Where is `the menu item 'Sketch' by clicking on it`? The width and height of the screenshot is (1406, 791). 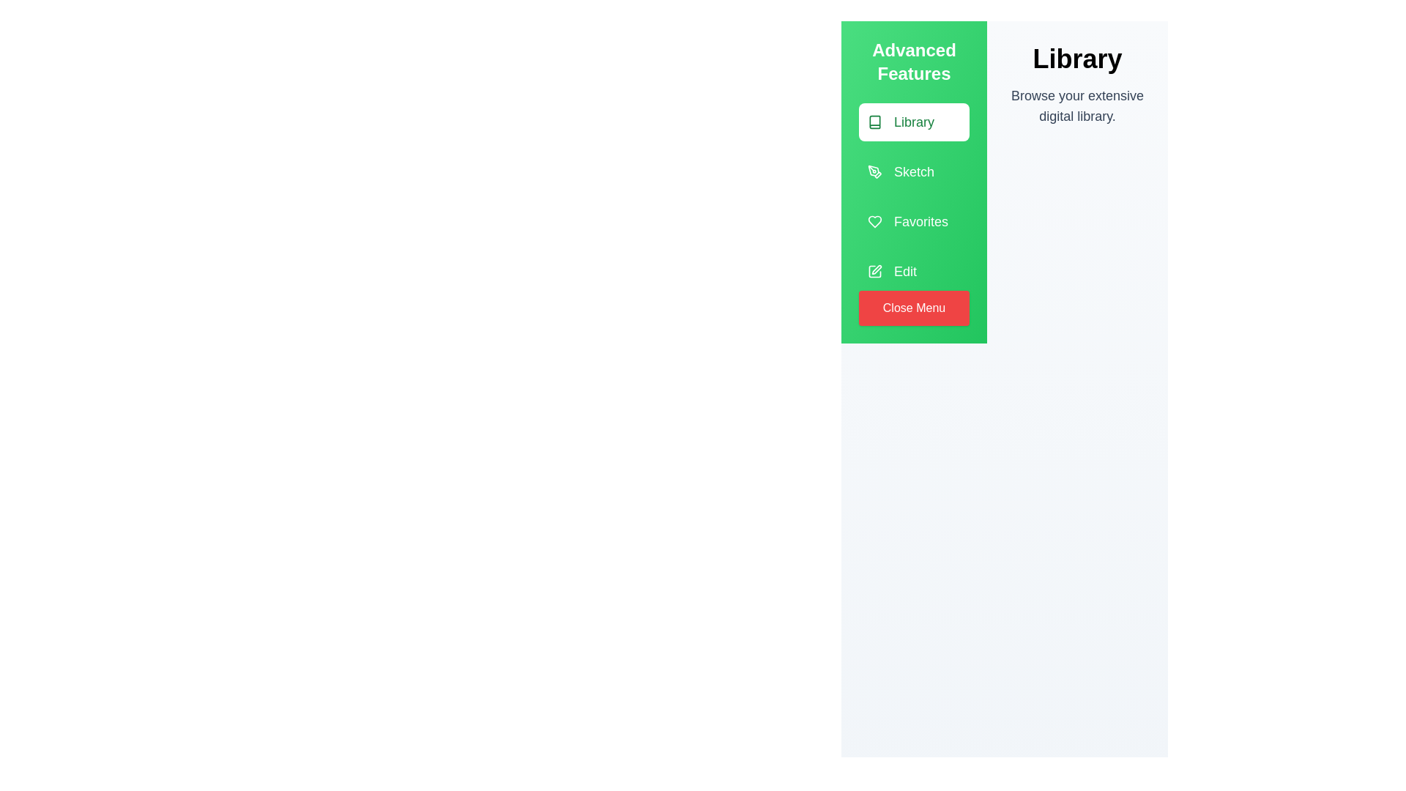
the menu item 'Sketch' by clicking on it is located at coordinates (913, 171).